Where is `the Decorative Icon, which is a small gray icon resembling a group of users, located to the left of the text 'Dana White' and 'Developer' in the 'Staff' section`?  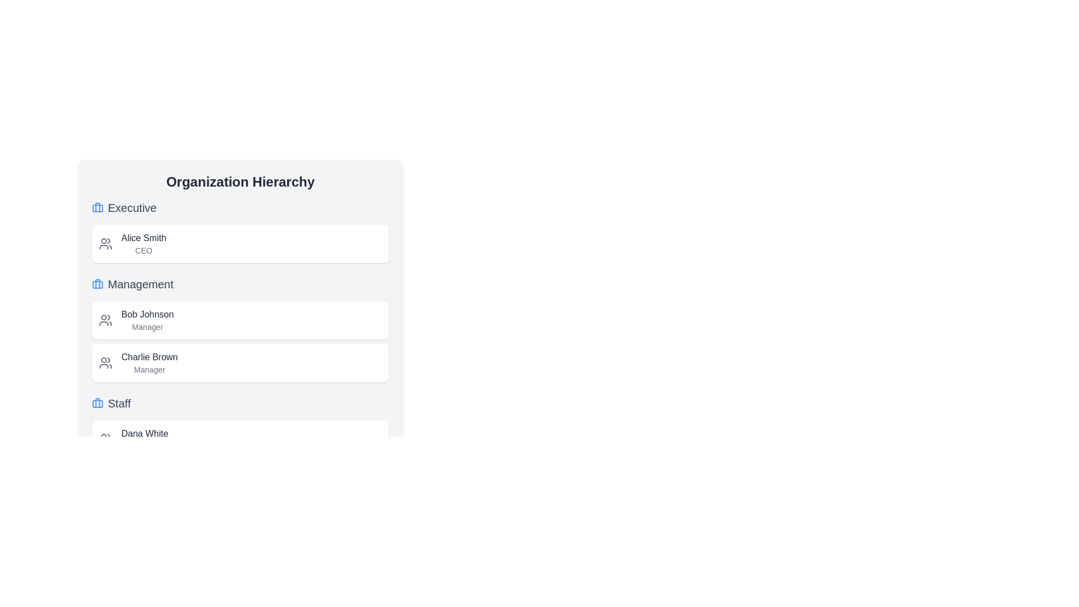
the Decorative Icon, which is a small gray icon resembling a group of users, located to the left of the text 'Dana White' and 'Developer' in the 'Staff' section is located at coordinates (105, 439).